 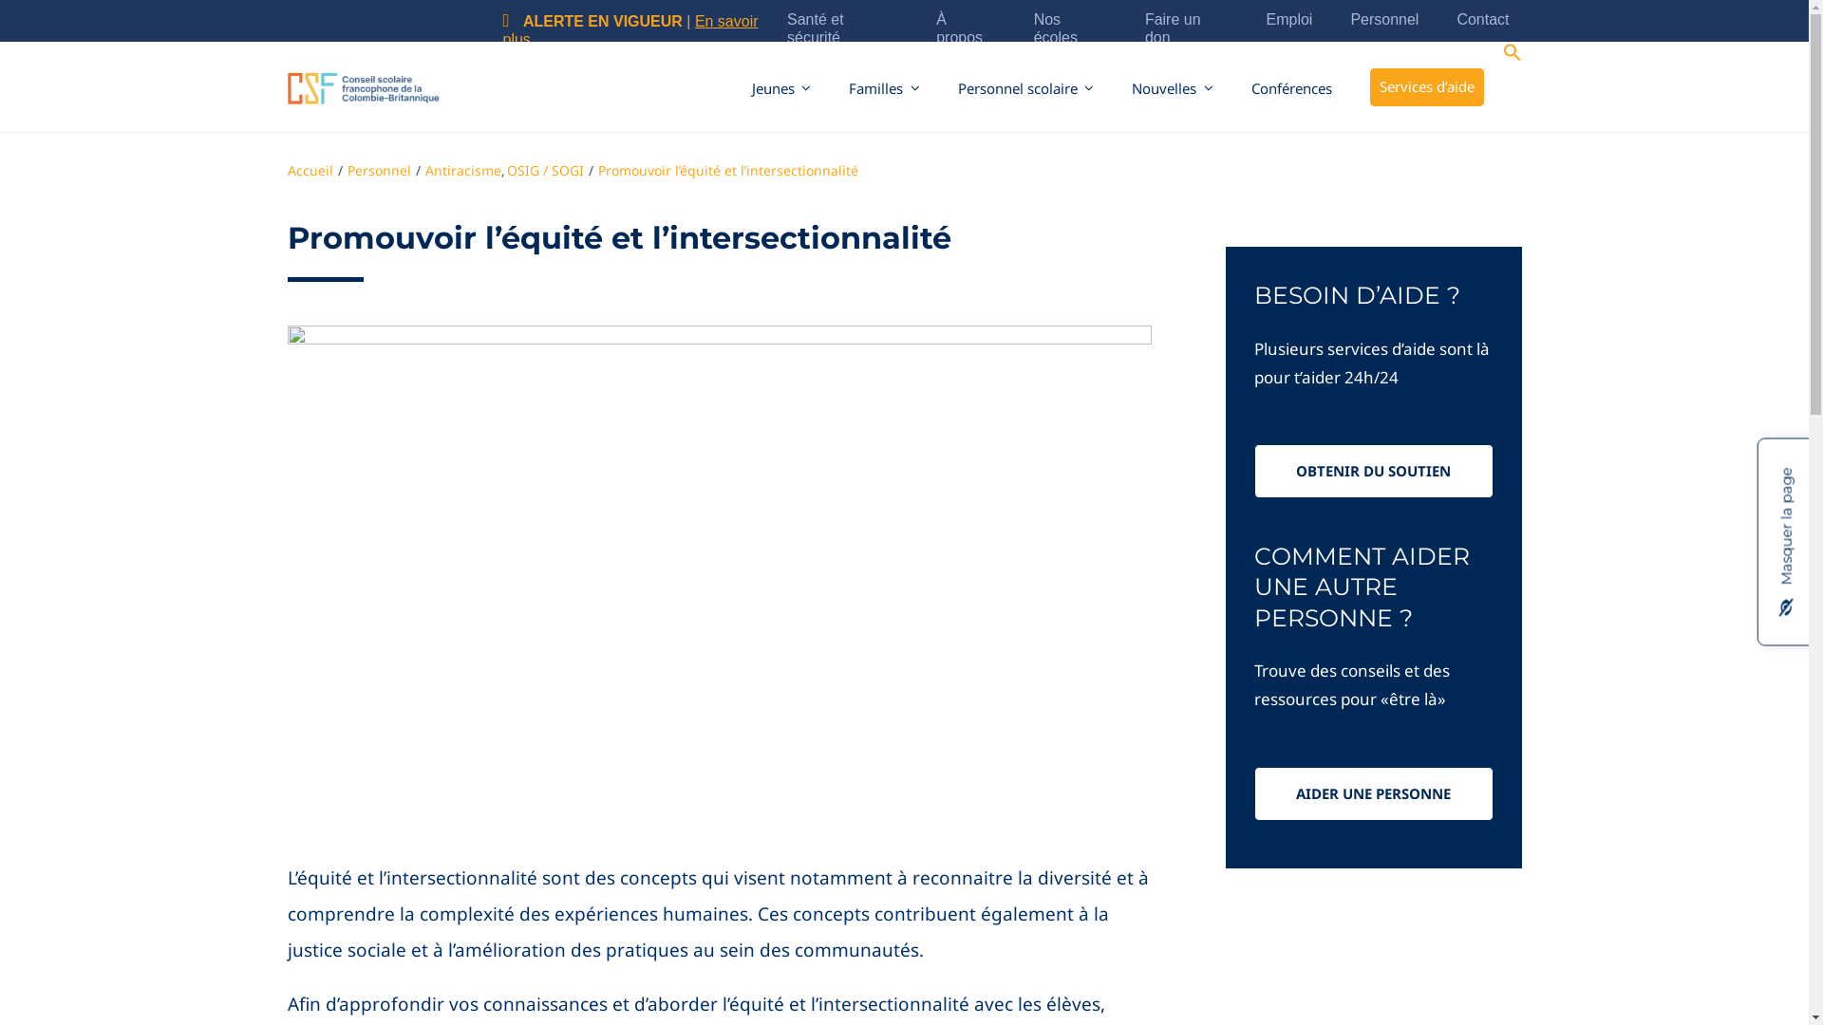 What do you see at coordinates (1171, 86) in the screenshot?
I see `'Nouvelles'` at bounding box center [1171, 86].